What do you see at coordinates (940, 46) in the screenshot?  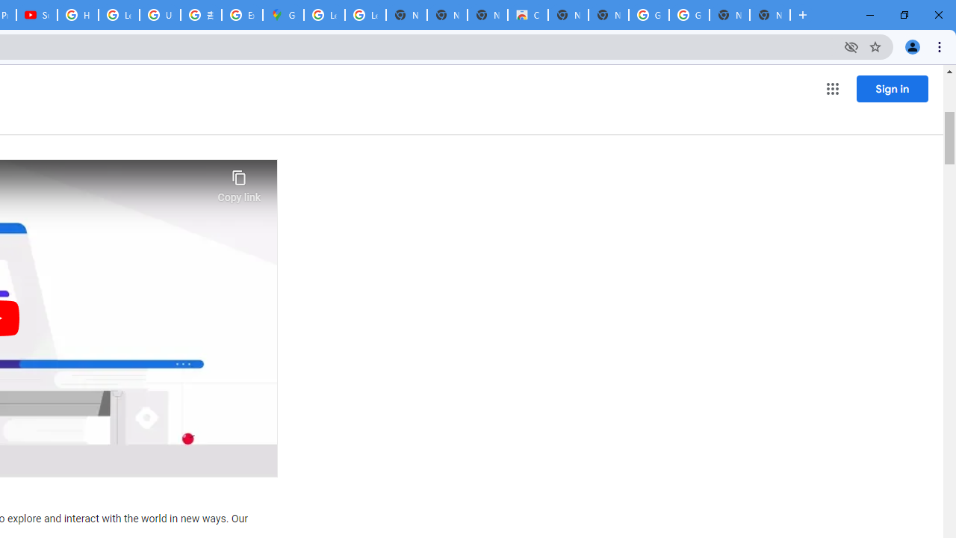 I see `'Chrome'` at bounding box center [940, 46].